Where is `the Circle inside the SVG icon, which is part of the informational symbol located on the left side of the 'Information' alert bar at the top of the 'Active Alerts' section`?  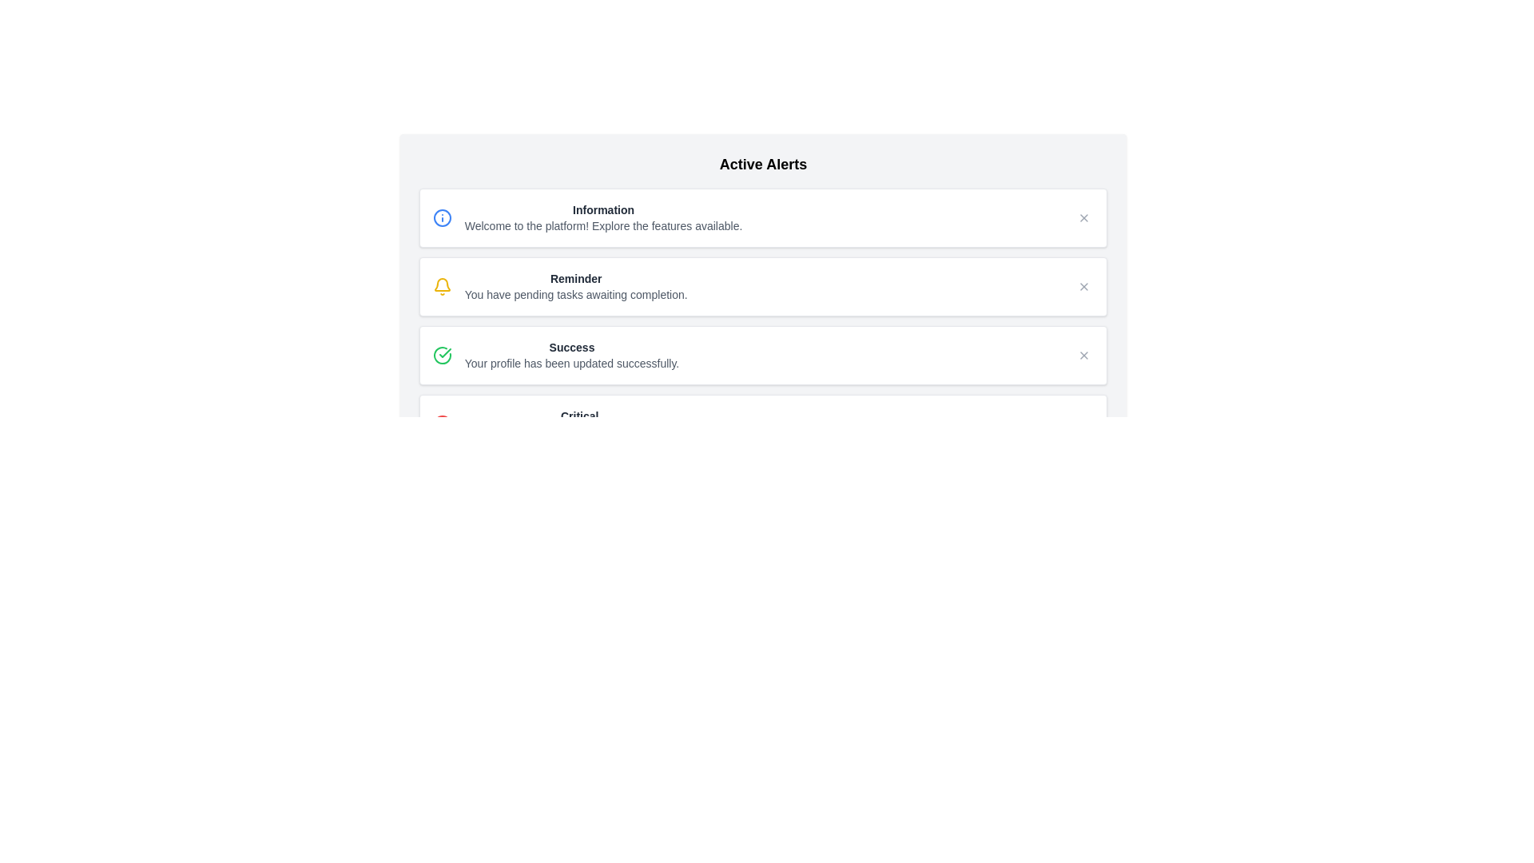
the Circle inside the SVG icon, which is part of the informational symbol located on the left side of the 'Information' alert bar at the top of the 'Active Alerts' section is located at coordinates (442, 218).